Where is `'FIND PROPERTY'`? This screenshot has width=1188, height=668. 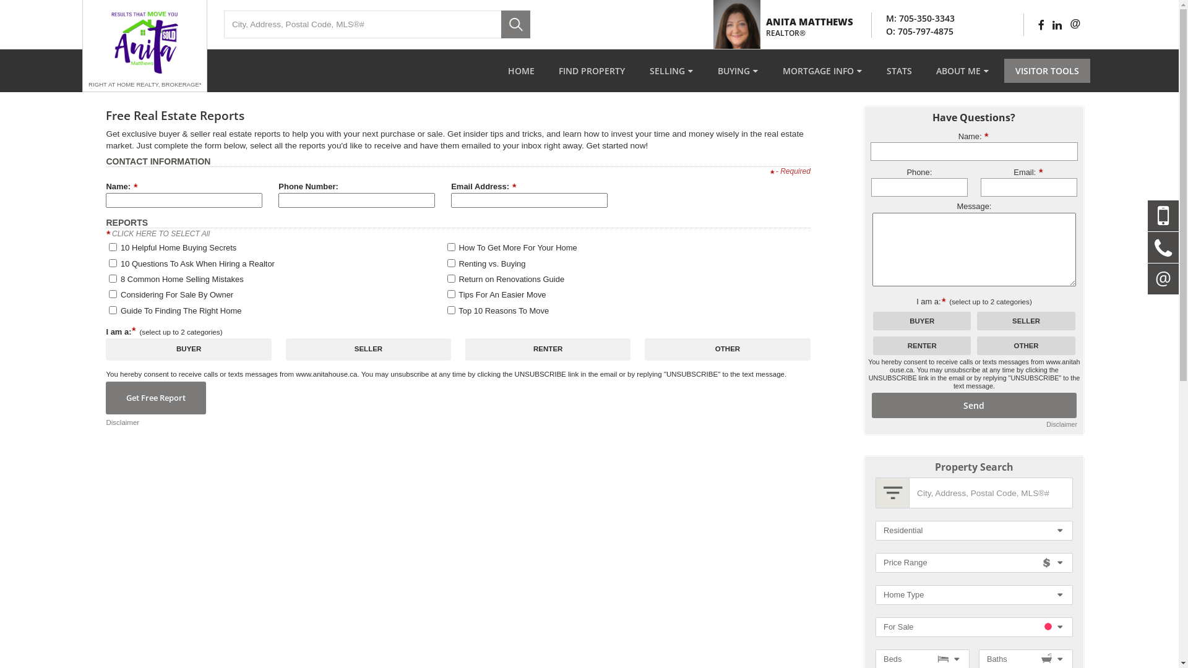
'FIND PROPERTY' is located at coordinates (591, 71).